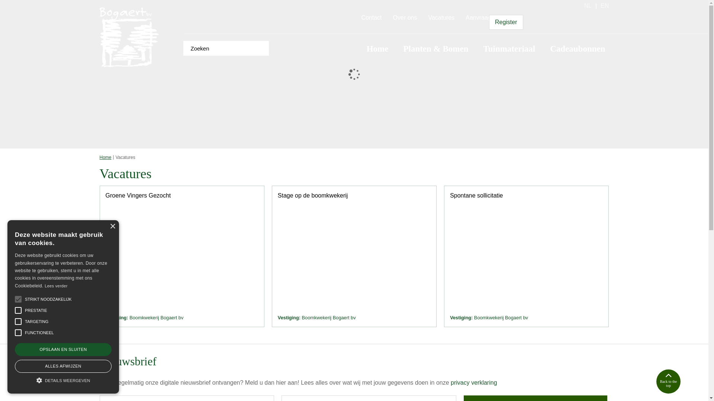  I want to click on 'Login', so click(534, 18).